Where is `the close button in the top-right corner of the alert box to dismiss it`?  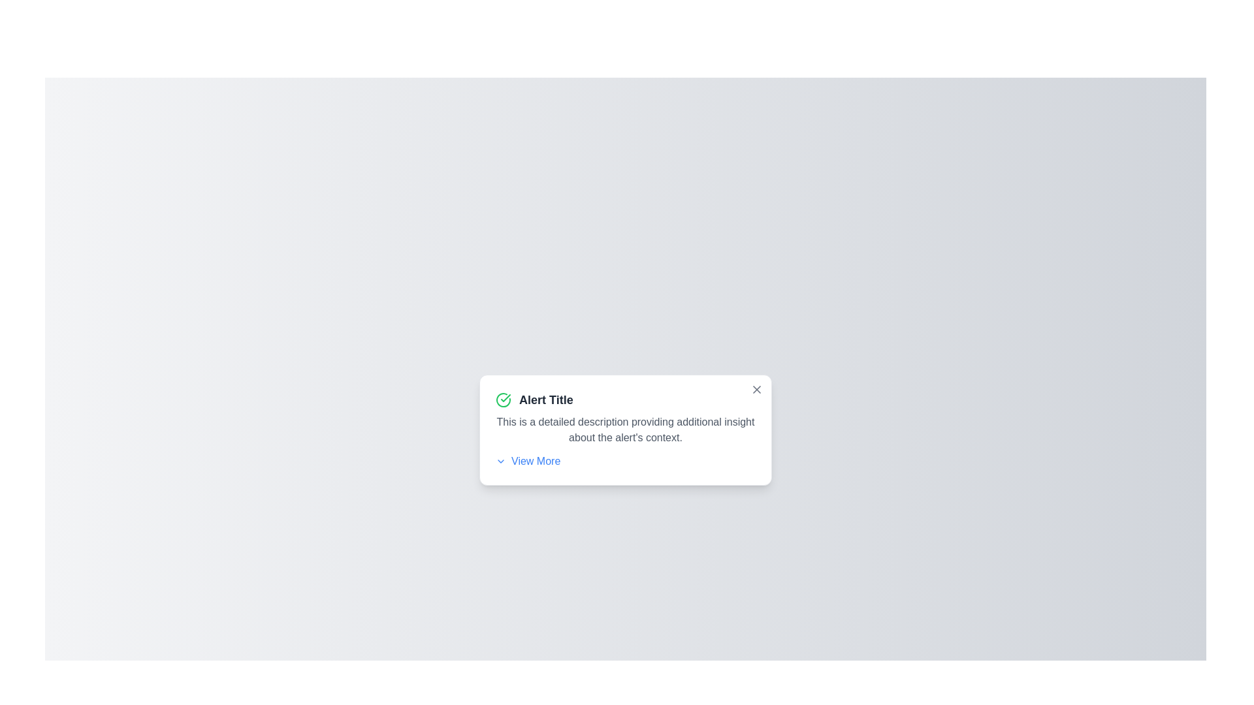 the close button in the top-right corner of the alert box to dismiss it is located at coordinates (756, 389).